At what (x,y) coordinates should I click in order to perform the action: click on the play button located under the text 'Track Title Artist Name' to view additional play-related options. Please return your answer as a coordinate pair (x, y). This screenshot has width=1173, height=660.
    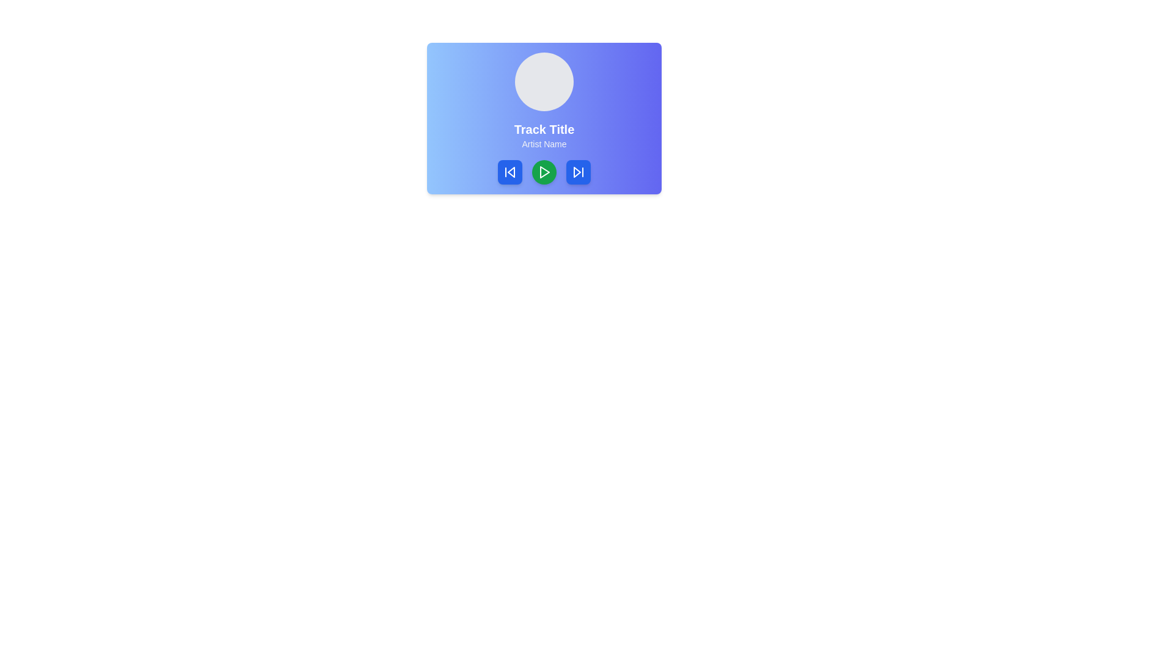
    Looking at the image, I should click on (544, 172).